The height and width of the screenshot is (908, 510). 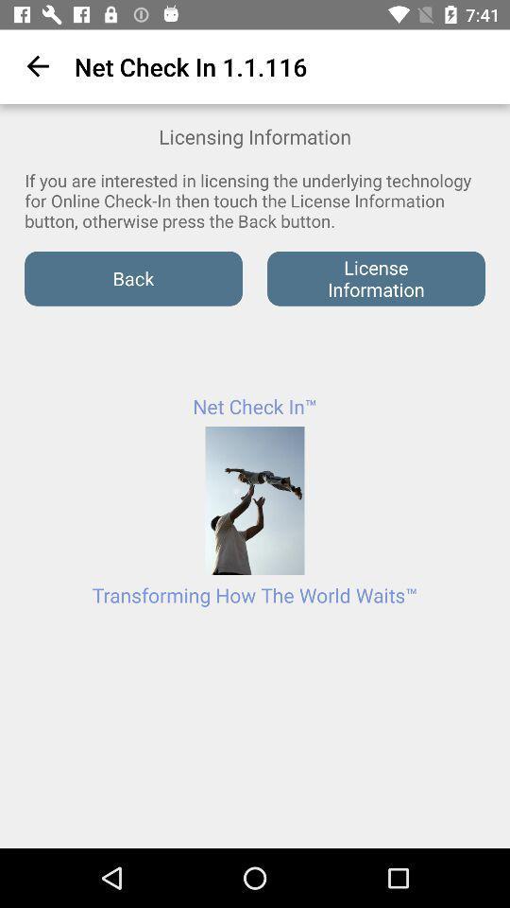 What do you see at coordinates (34, 66) in the screenshot?
I see `icon above the licensing information icon` at bounding box center [34, 66].